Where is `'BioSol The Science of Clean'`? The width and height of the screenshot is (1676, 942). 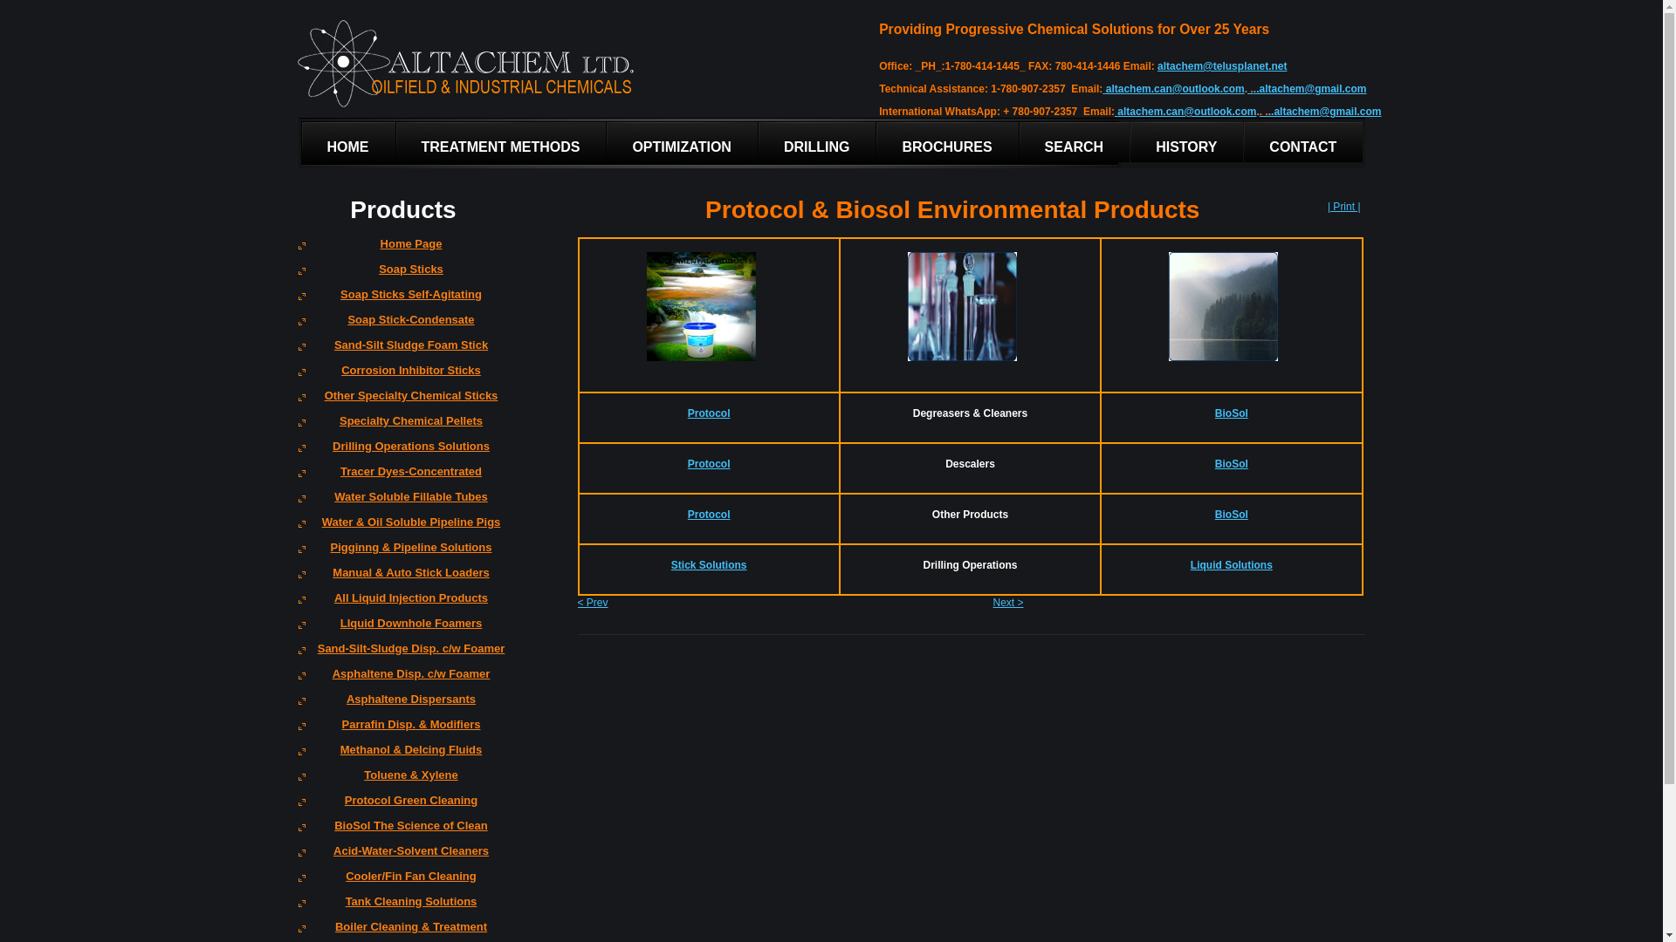
'BioSol The Science of Clean' is located at coordinates (402, 830).